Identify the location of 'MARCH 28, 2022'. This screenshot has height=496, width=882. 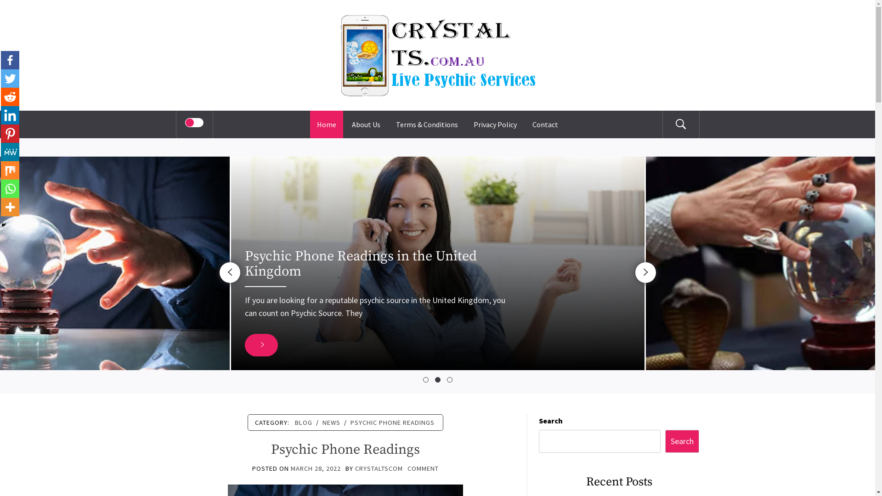
(316, 468).